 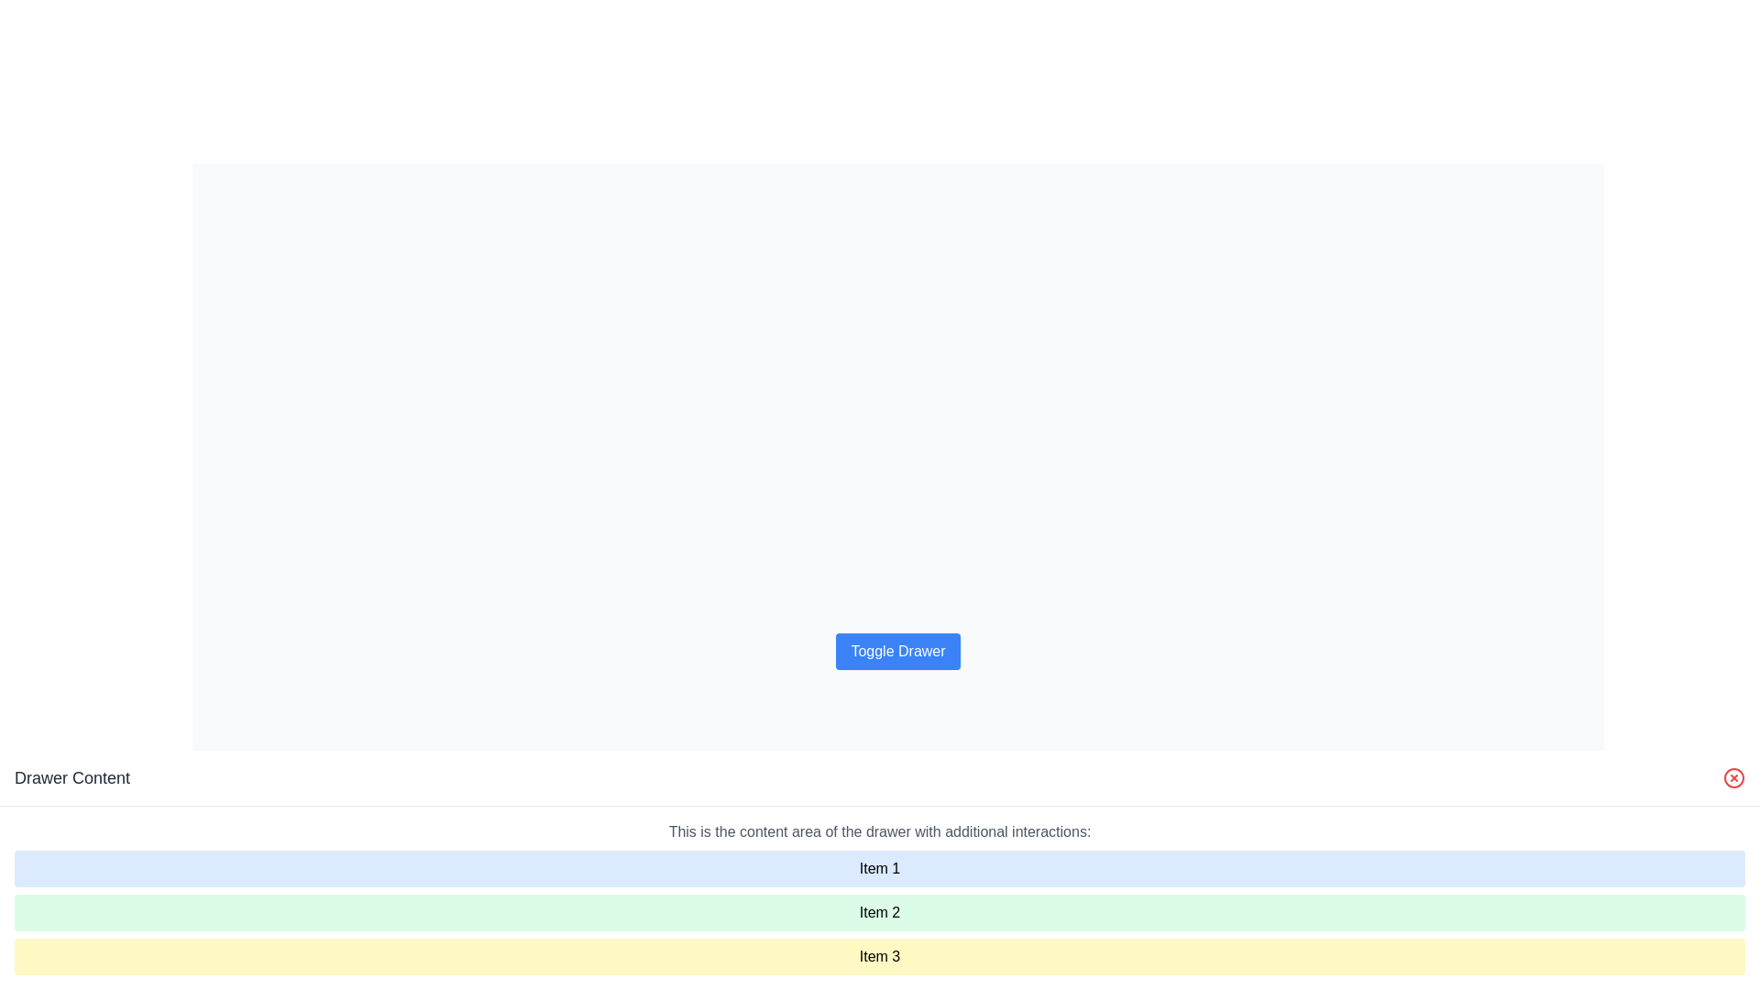 What do you see at coordinates (880, 912) in the screenshot?
I see `the non-interactive list item with the text 'Item 2', which has a green rounded background and is visually distinct among its siblings` at bounding box center [880, 912].